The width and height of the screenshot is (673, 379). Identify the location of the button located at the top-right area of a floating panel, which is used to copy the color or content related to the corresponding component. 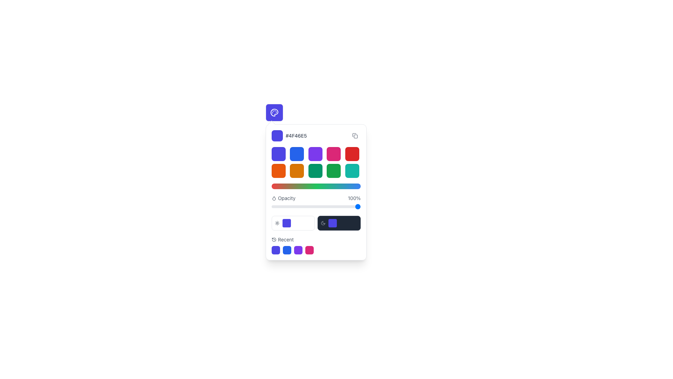
(355, 135).